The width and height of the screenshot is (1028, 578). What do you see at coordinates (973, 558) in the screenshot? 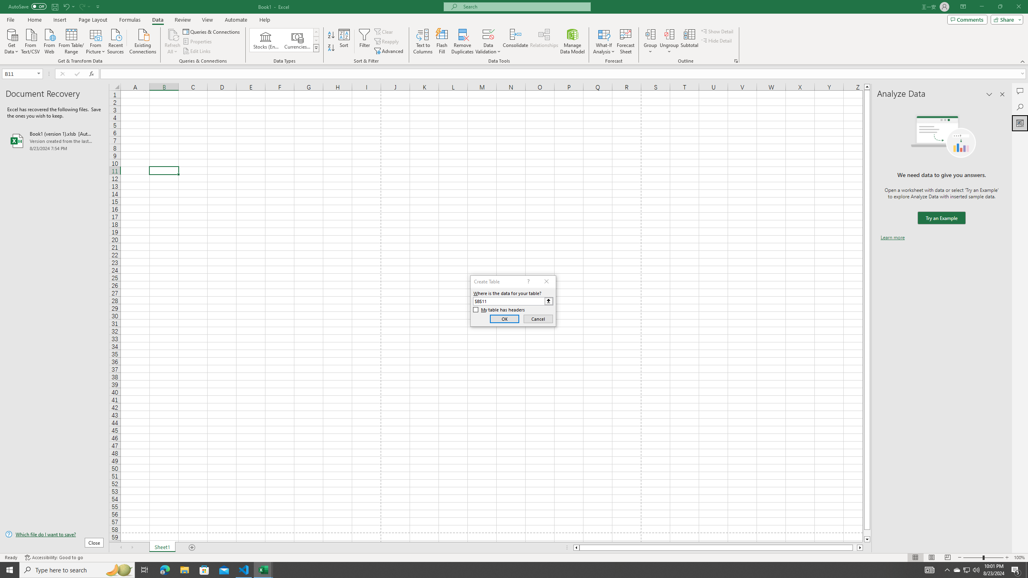
I see `'Zoom Out'` at bounding box center [973, 558].